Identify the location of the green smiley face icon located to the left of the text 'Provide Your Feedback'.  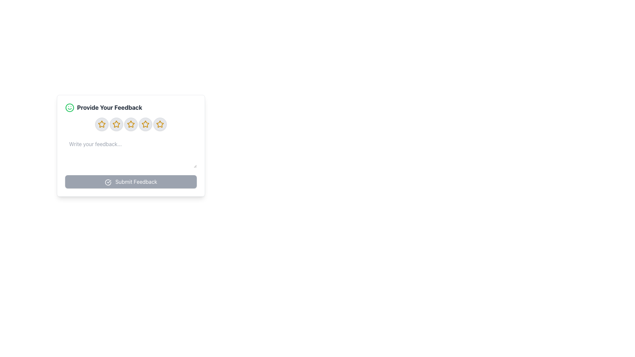
(70, 107).